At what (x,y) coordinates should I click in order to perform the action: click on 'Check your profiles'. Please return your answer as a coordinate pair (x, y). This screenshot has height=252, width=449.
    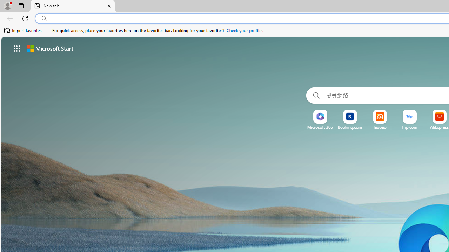
    Looking at the image, I should click on (245, 30).